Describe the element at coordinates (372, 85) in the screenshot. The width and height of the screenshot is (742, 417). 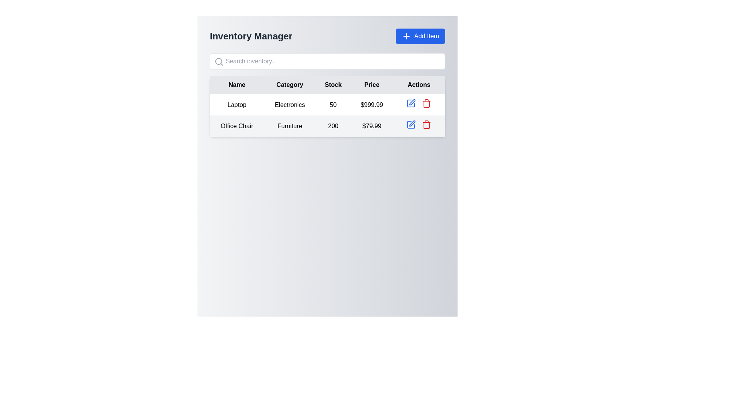
I see `the text label that serves as the header title for pricing details in the table layout, positioned after 'Name', 'Category', and 'Stock'` at that location.